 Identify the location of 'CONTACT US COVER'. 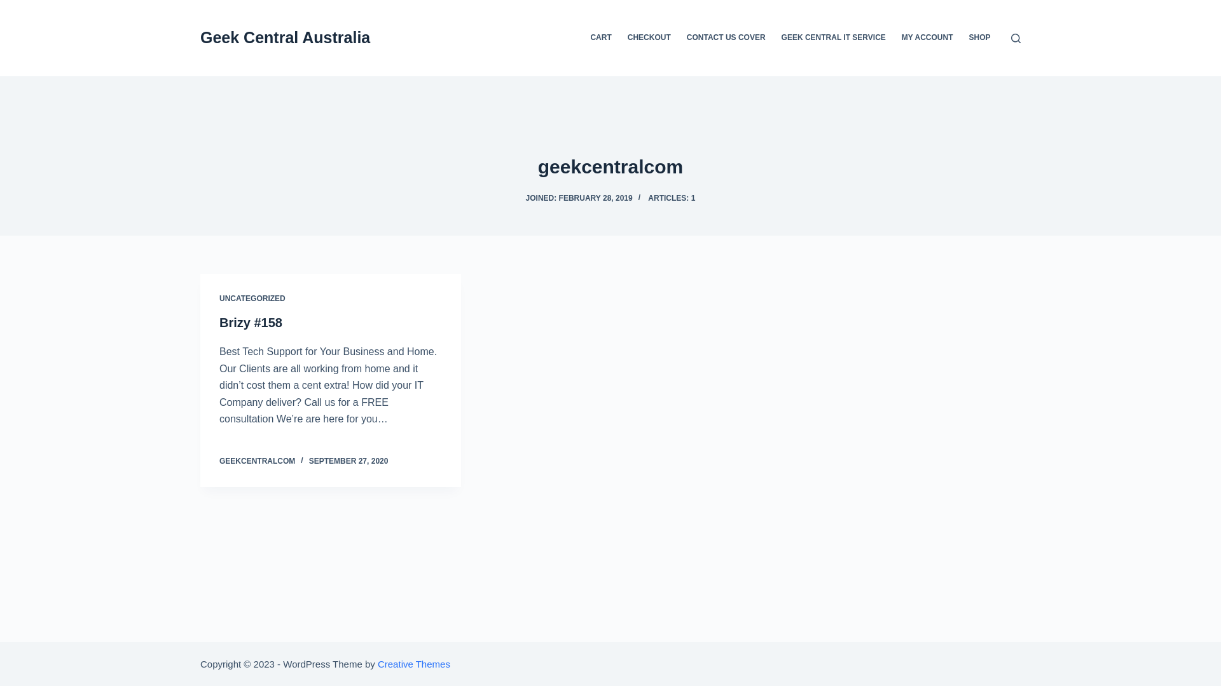
(726, 37).